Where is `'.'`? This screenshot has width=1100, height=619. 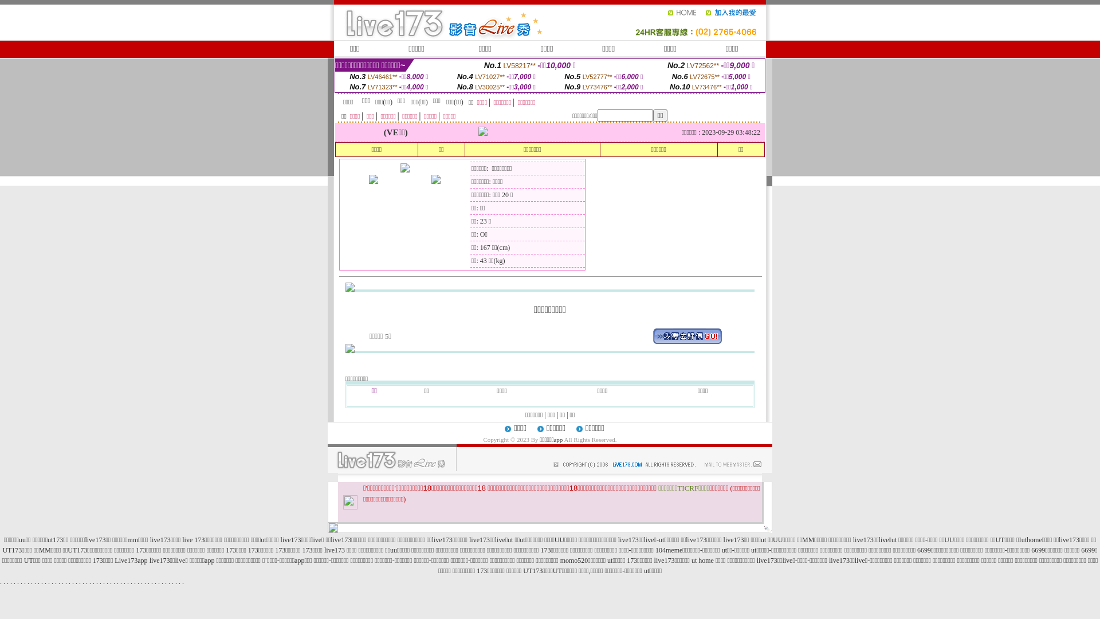 '.' is located at coordinates (54, 581).